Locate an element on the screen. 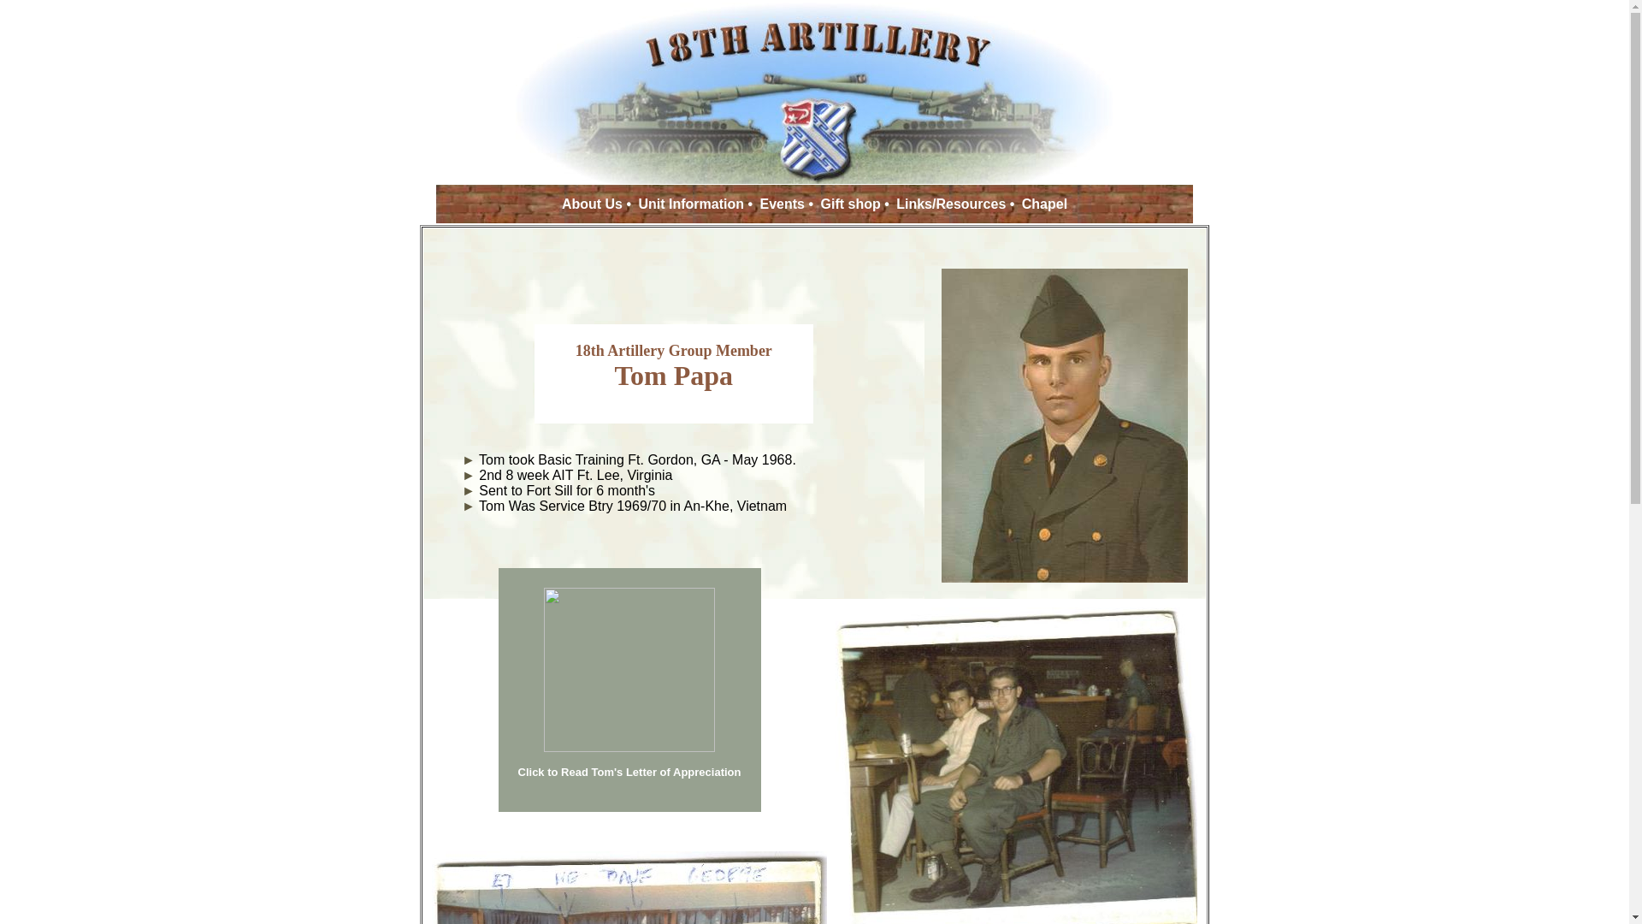  'Click to Read Tom's Letter of Appreciation' is located at coordinates (629, 772).